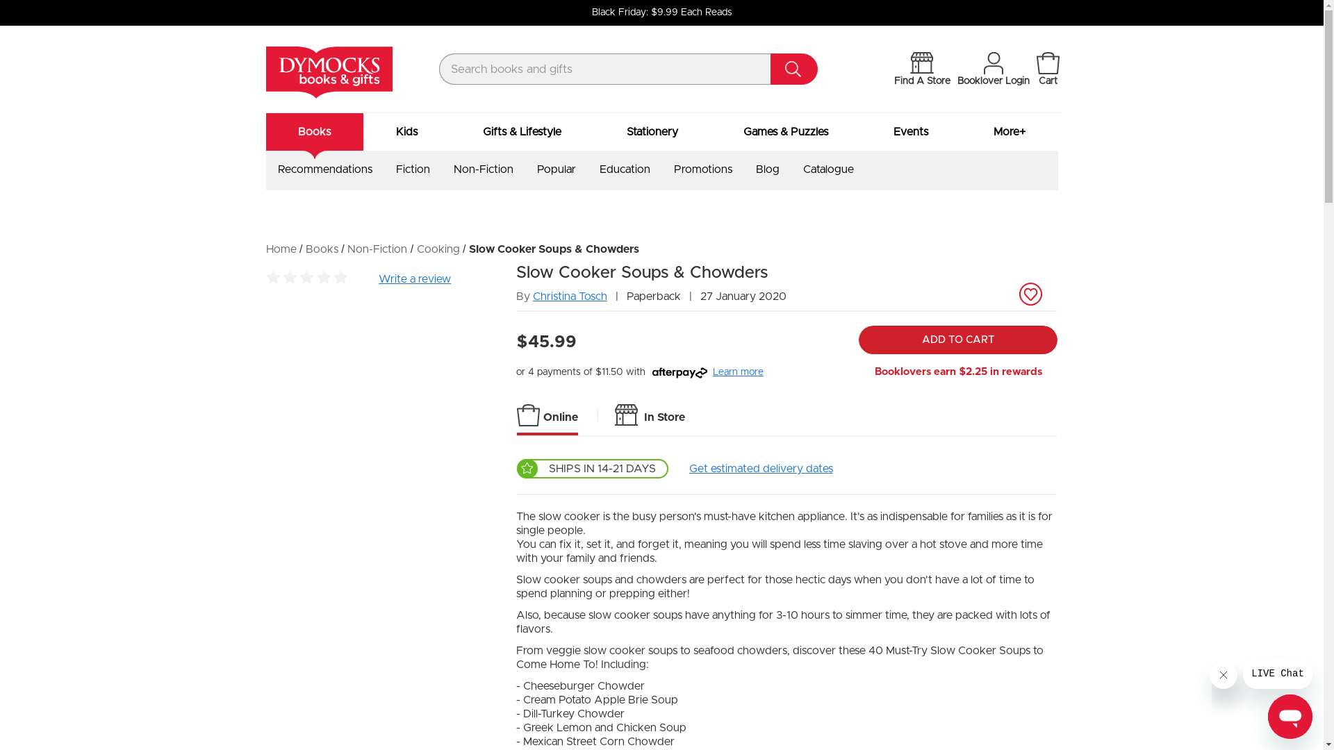 This screenshot has height=750, width=1334. Describe the element at coordinates (1008, 131) in the screenshot. I see `'More+'` at that location.